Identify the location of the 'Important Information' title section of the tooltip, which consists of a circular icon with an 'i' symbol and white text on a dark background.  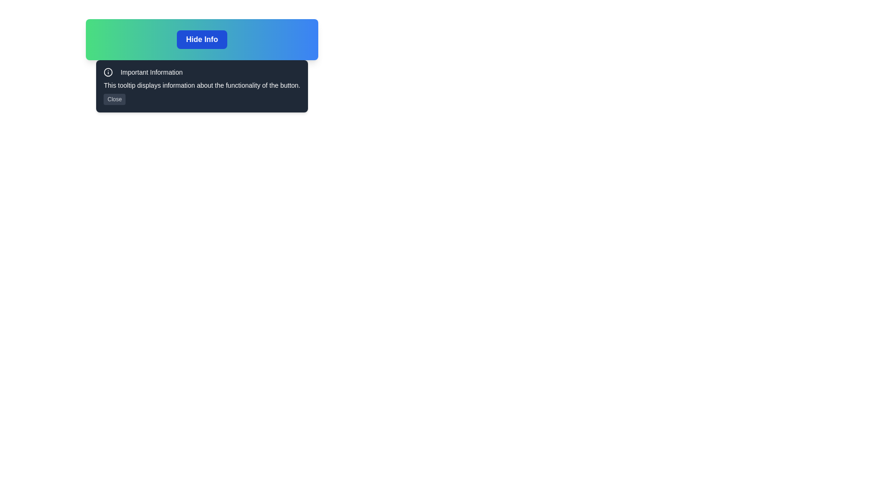
(143, 71).